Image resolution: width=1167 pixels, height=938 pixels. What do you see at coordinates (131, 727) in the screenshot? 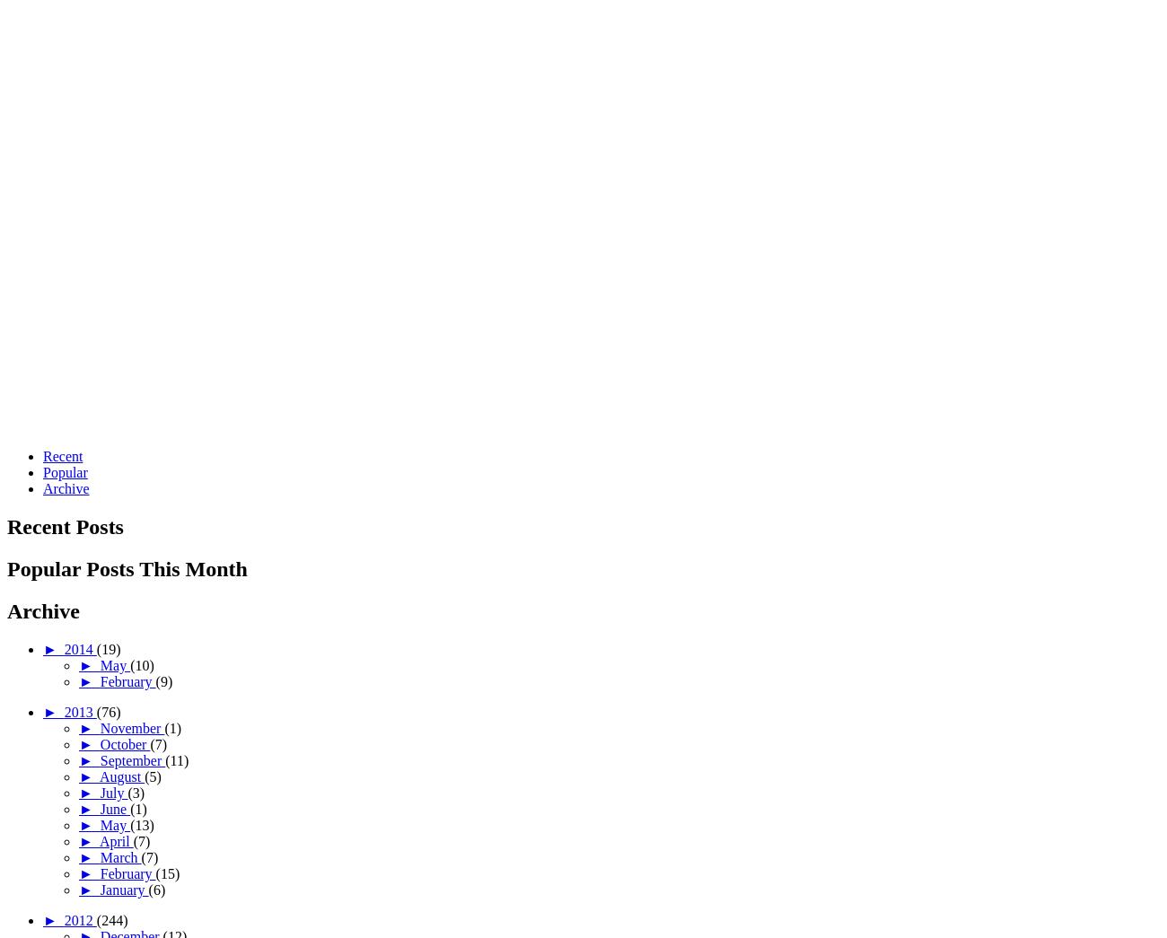
I see `'November'` at bounding box center [131, 727].